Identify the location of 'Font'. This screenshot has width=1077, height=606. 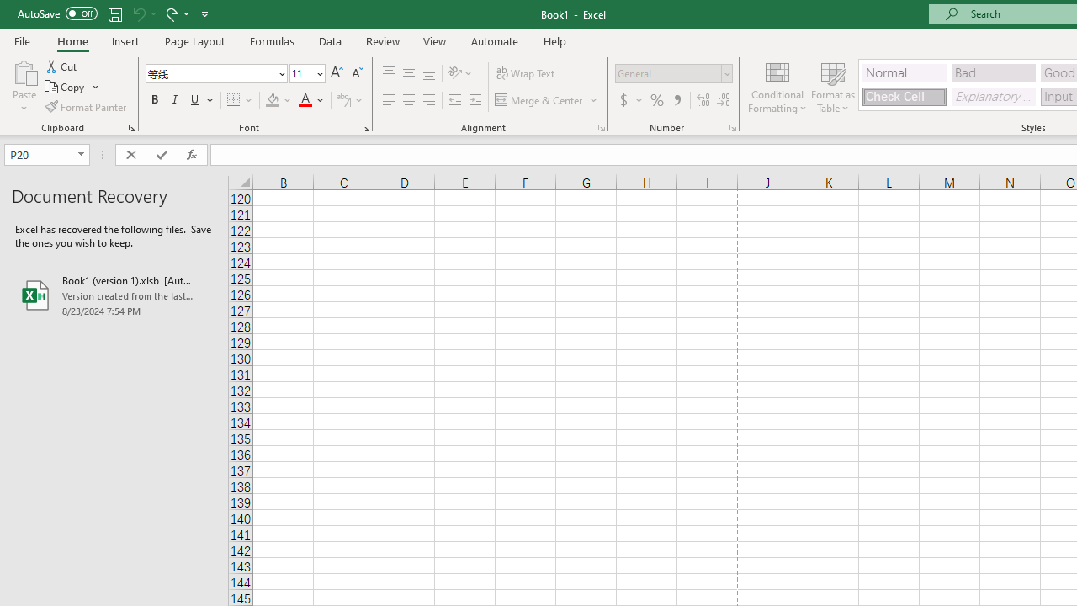
(210, 72).